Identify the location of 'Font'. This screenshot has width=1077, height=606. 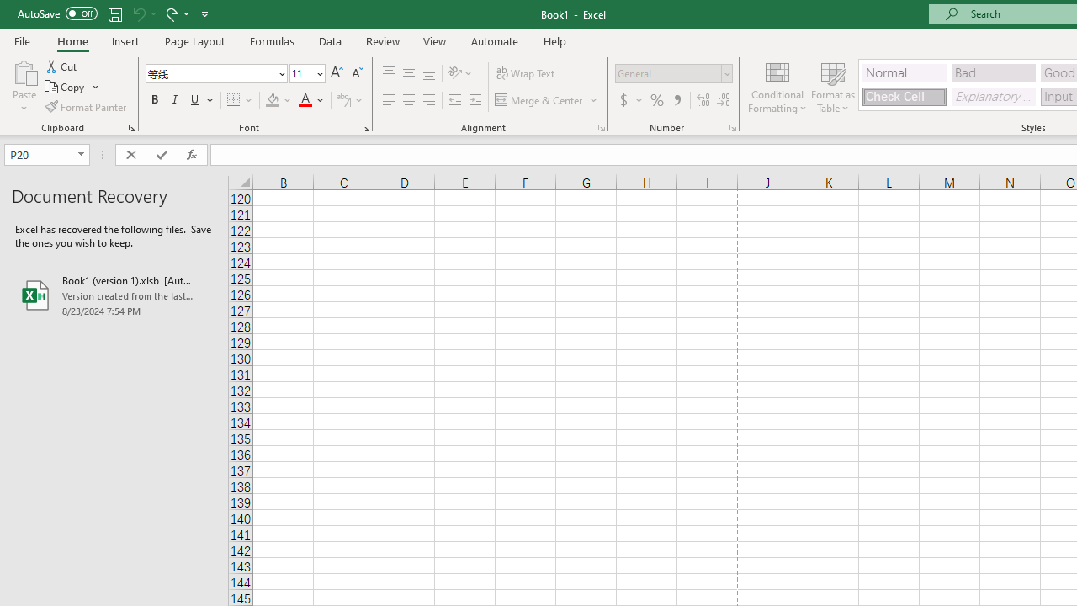
(210, 72).